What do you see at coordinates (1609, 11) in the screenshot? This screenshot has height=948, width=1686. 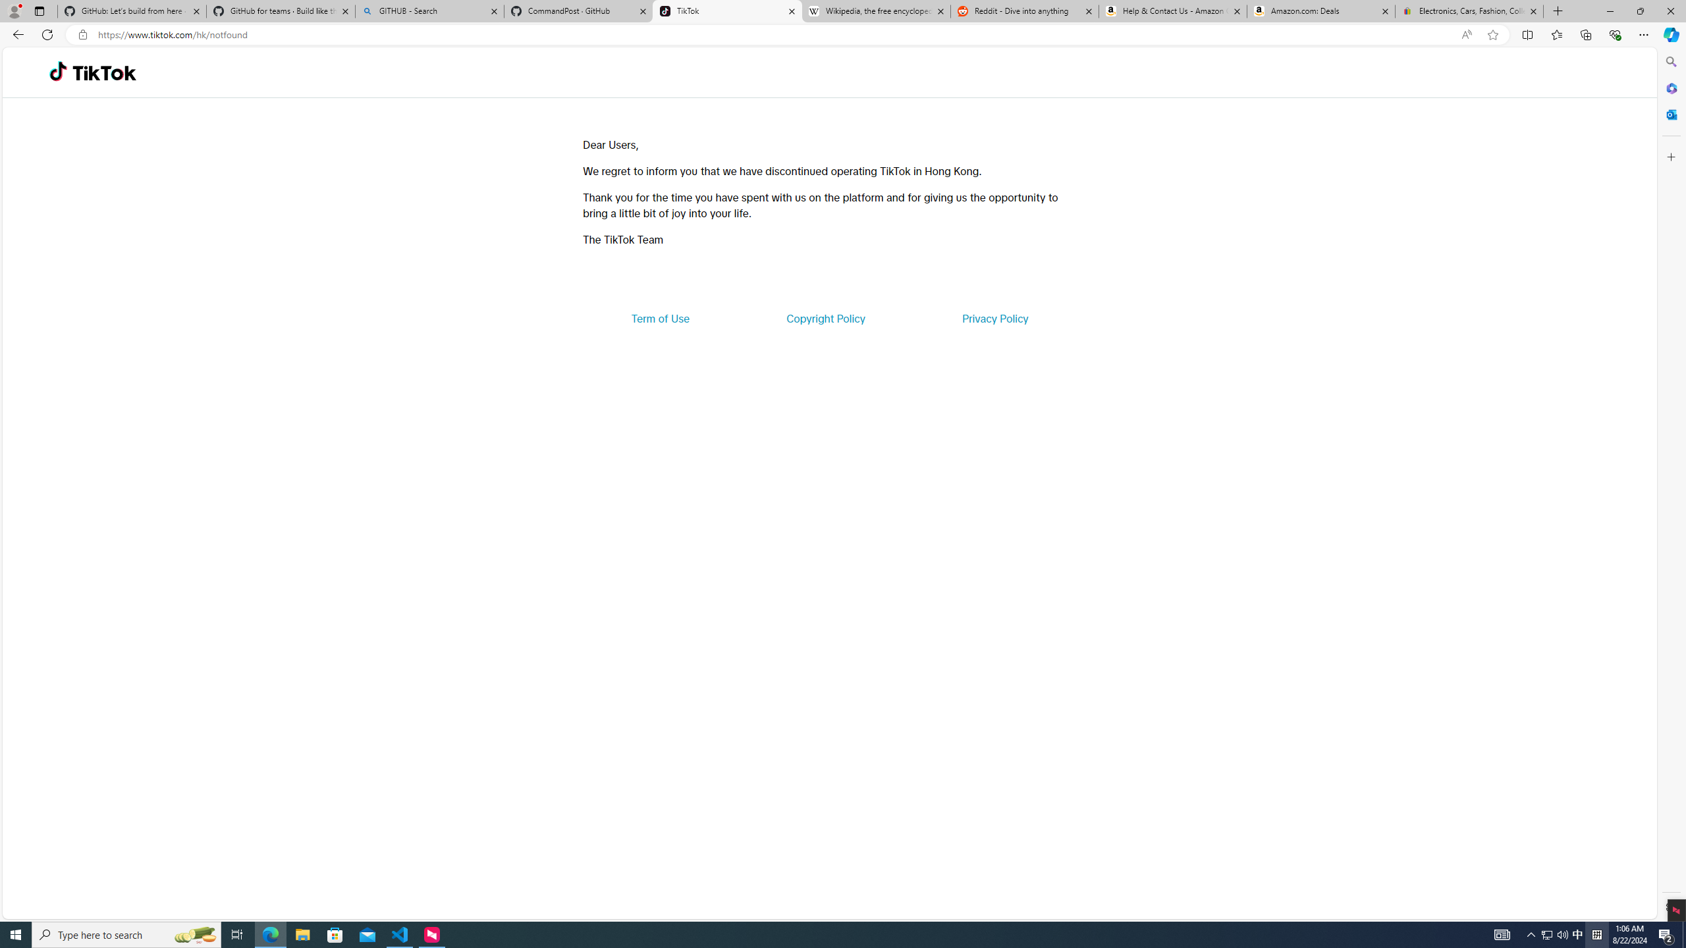 I see `'Minimize'` at bounding box center [1609, 11].